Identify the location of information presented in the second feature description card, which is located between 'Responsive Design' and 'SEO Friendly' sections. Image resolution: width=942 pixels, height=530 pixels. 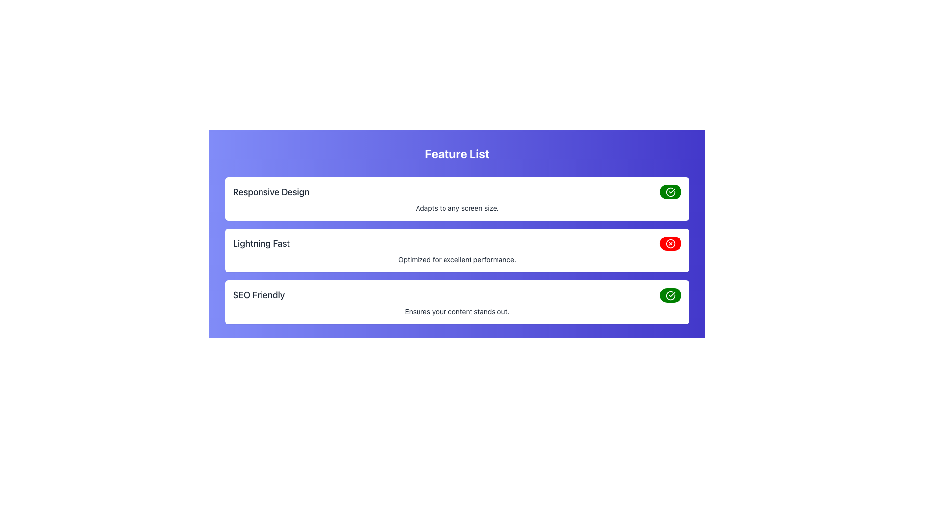
(456, 249).